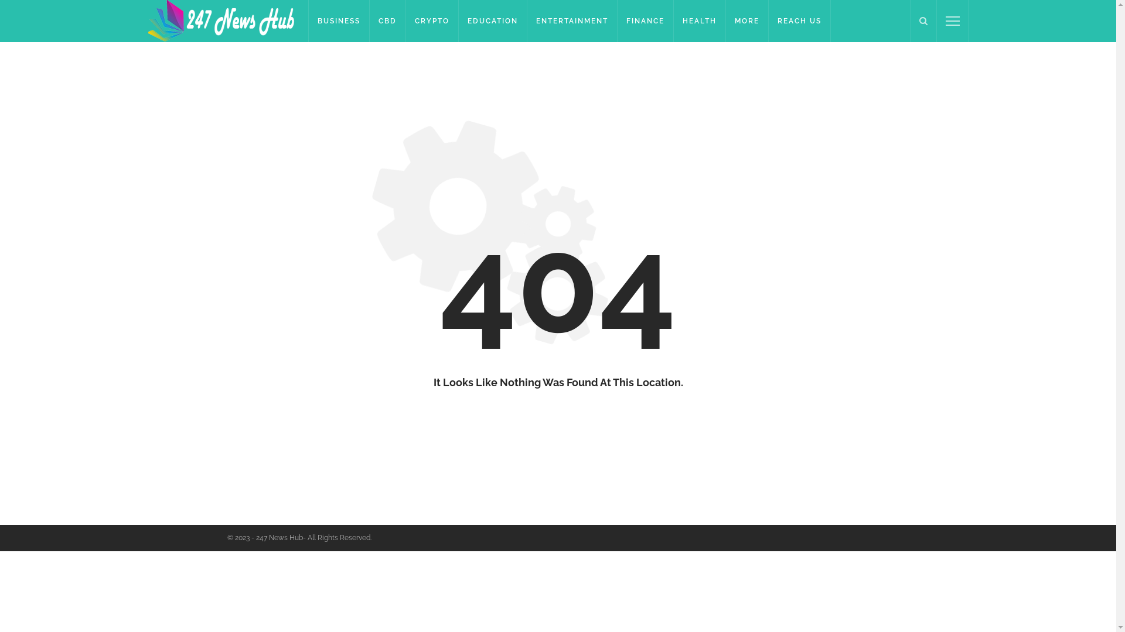  Describe the element at coordinates (338, 20) in the screenshot. I see `'BUSINESS'` at that location.